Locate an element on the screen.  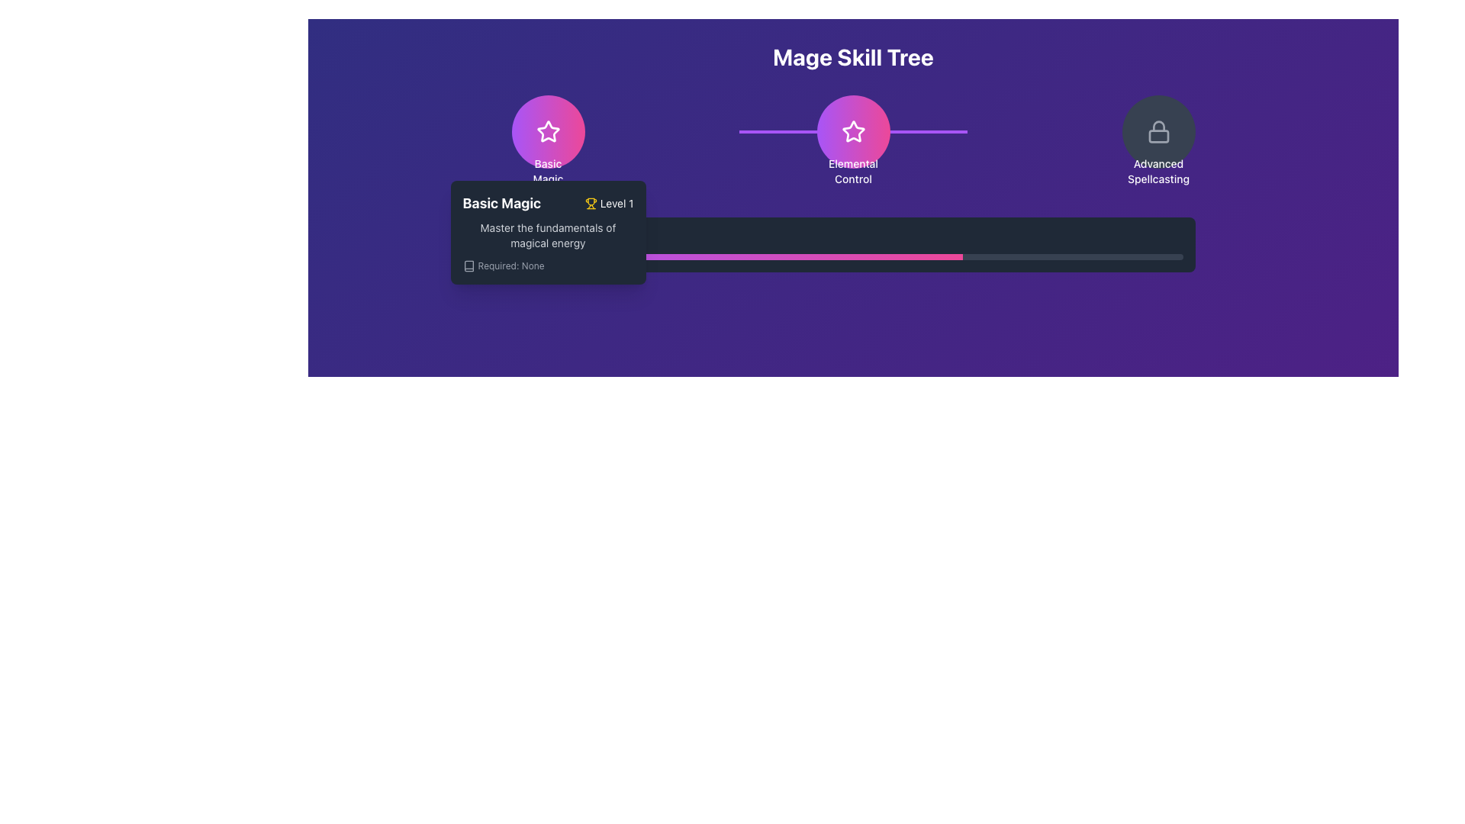
text label element that displays 'Master the fundamentals of magical energy,' which is located below the heading 'Basic Magic Level 1' in the tooltip-like panel is located at coordinates (548, 235).